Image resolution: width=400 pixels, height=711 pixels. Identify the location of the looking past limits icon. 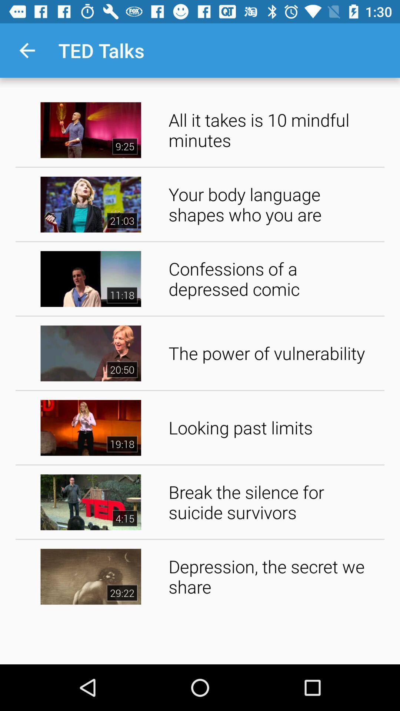
(274, 428).